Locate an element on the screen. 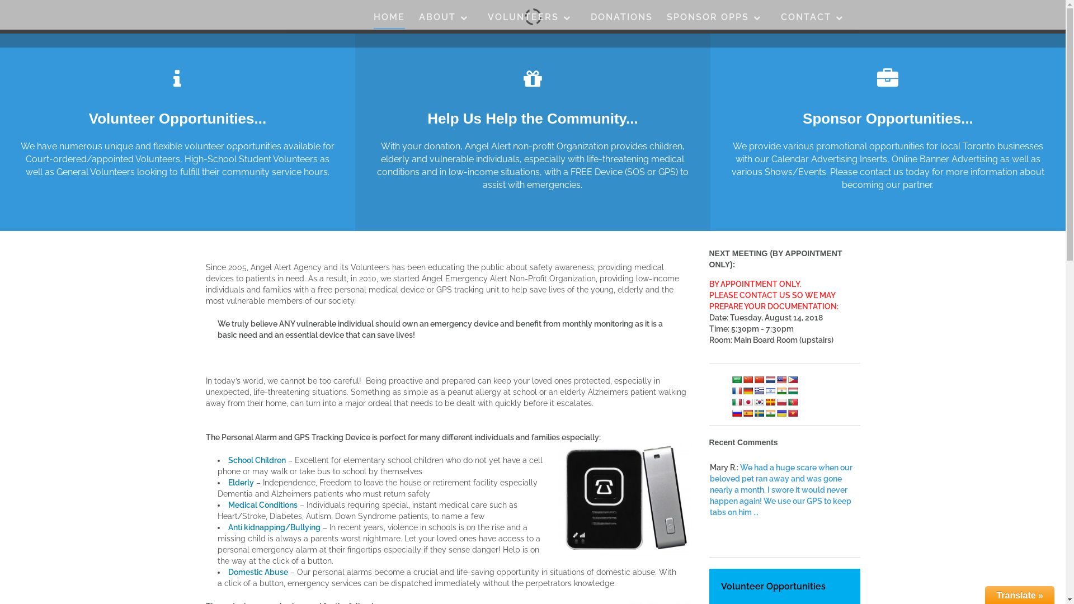 The height and width of the screenshot is (604, 1074). 'Arabic' is located at coordinates (736, 379).